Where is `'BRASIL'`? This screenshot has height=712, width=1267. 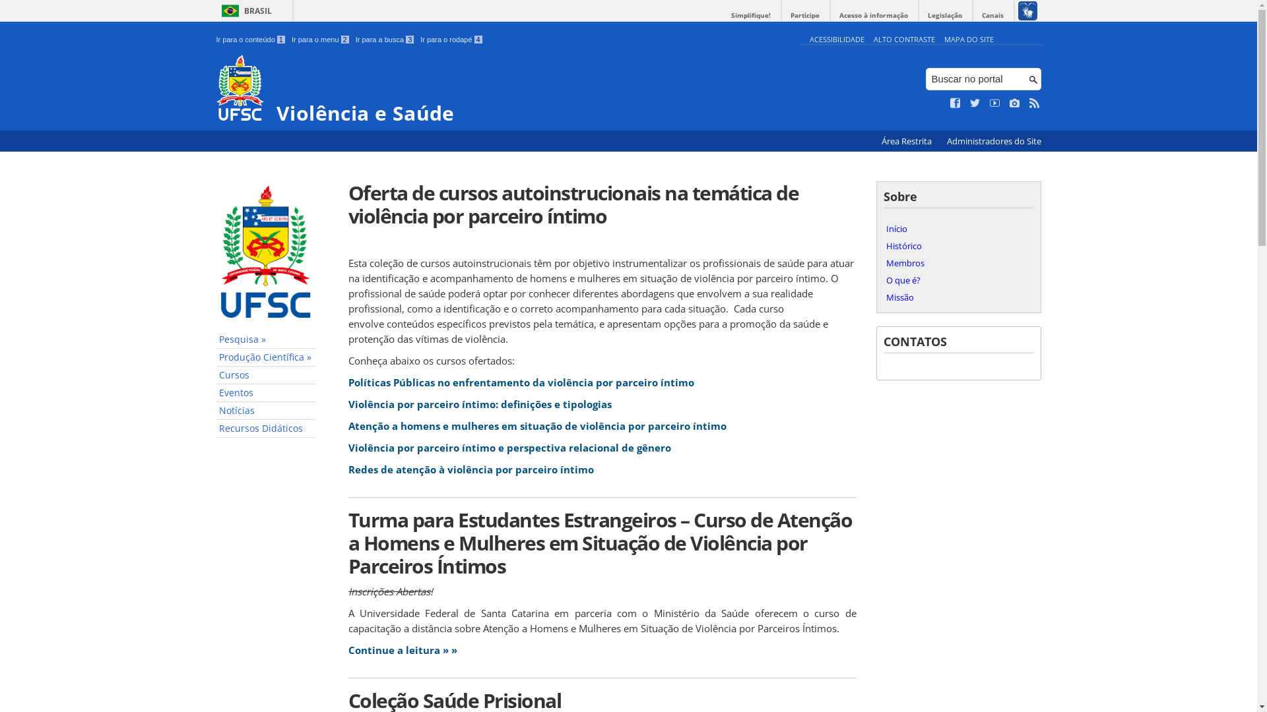 'BRASIL' is located at coordinates (244, 11).